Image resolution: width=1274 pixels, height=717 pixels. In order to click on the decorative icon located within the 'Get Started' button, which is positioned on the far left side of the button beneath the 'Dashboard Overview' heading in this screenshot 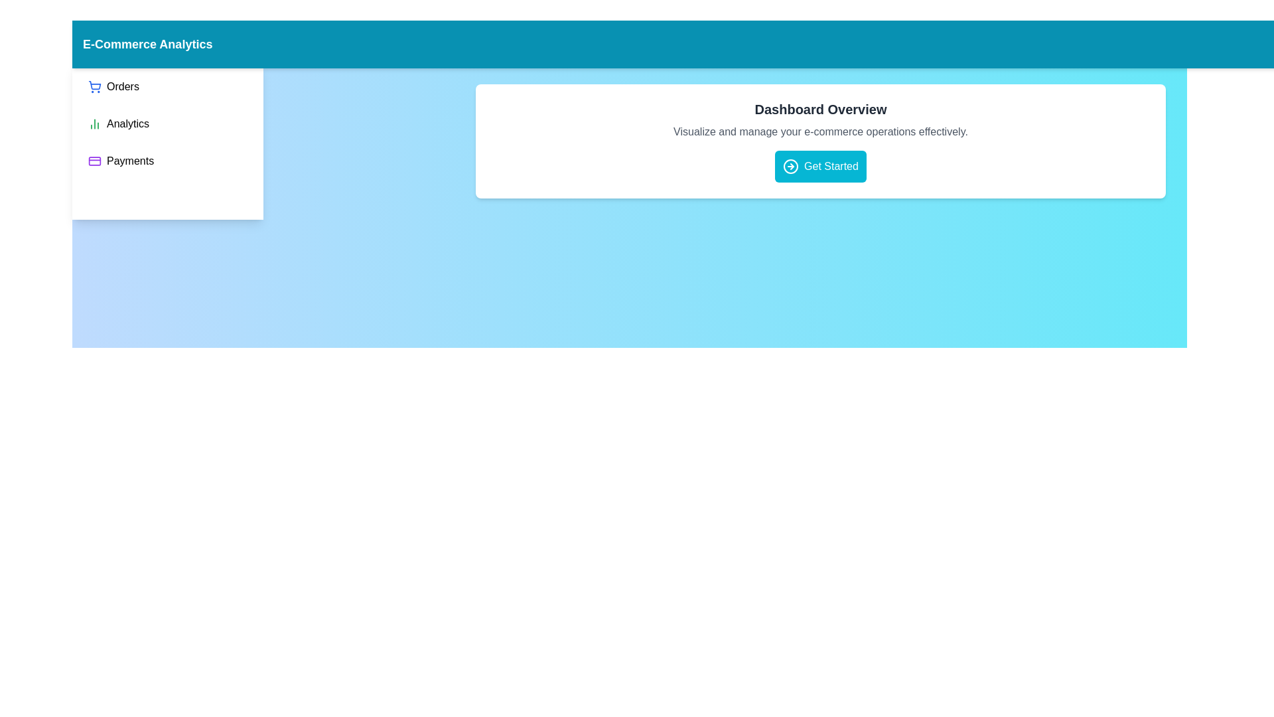, I will do `click(791, 165)`.